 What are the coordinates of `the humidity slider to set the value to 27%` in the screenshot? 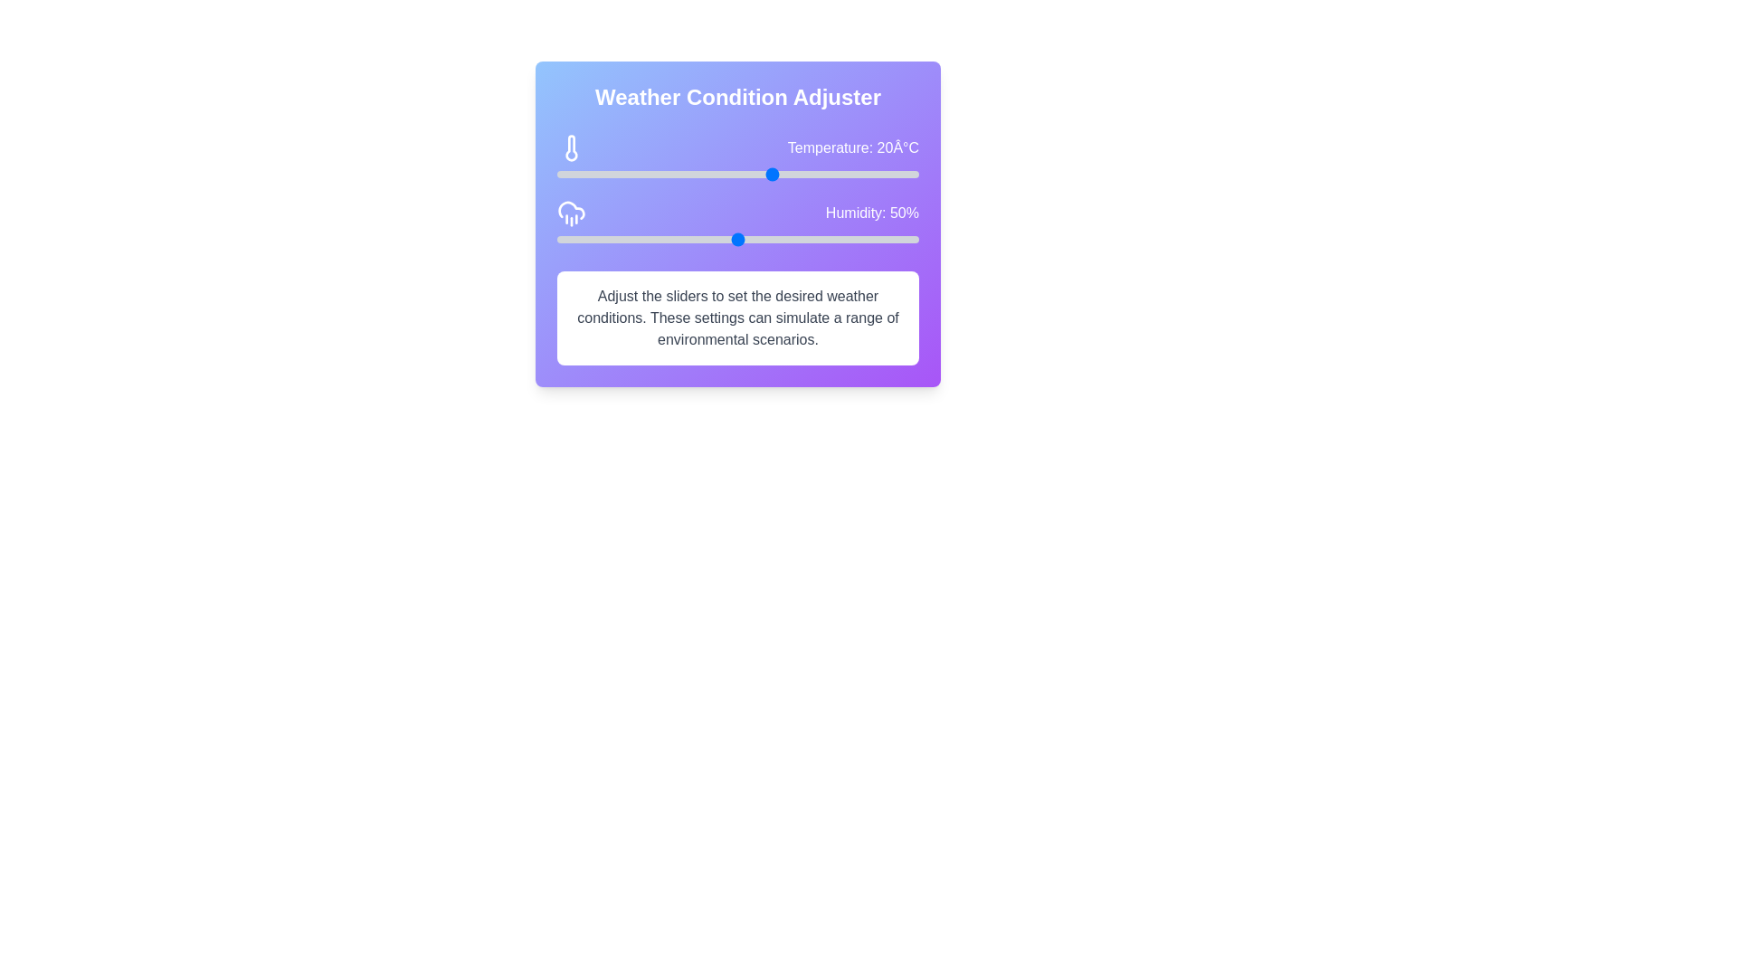 It's located at (654, 239).